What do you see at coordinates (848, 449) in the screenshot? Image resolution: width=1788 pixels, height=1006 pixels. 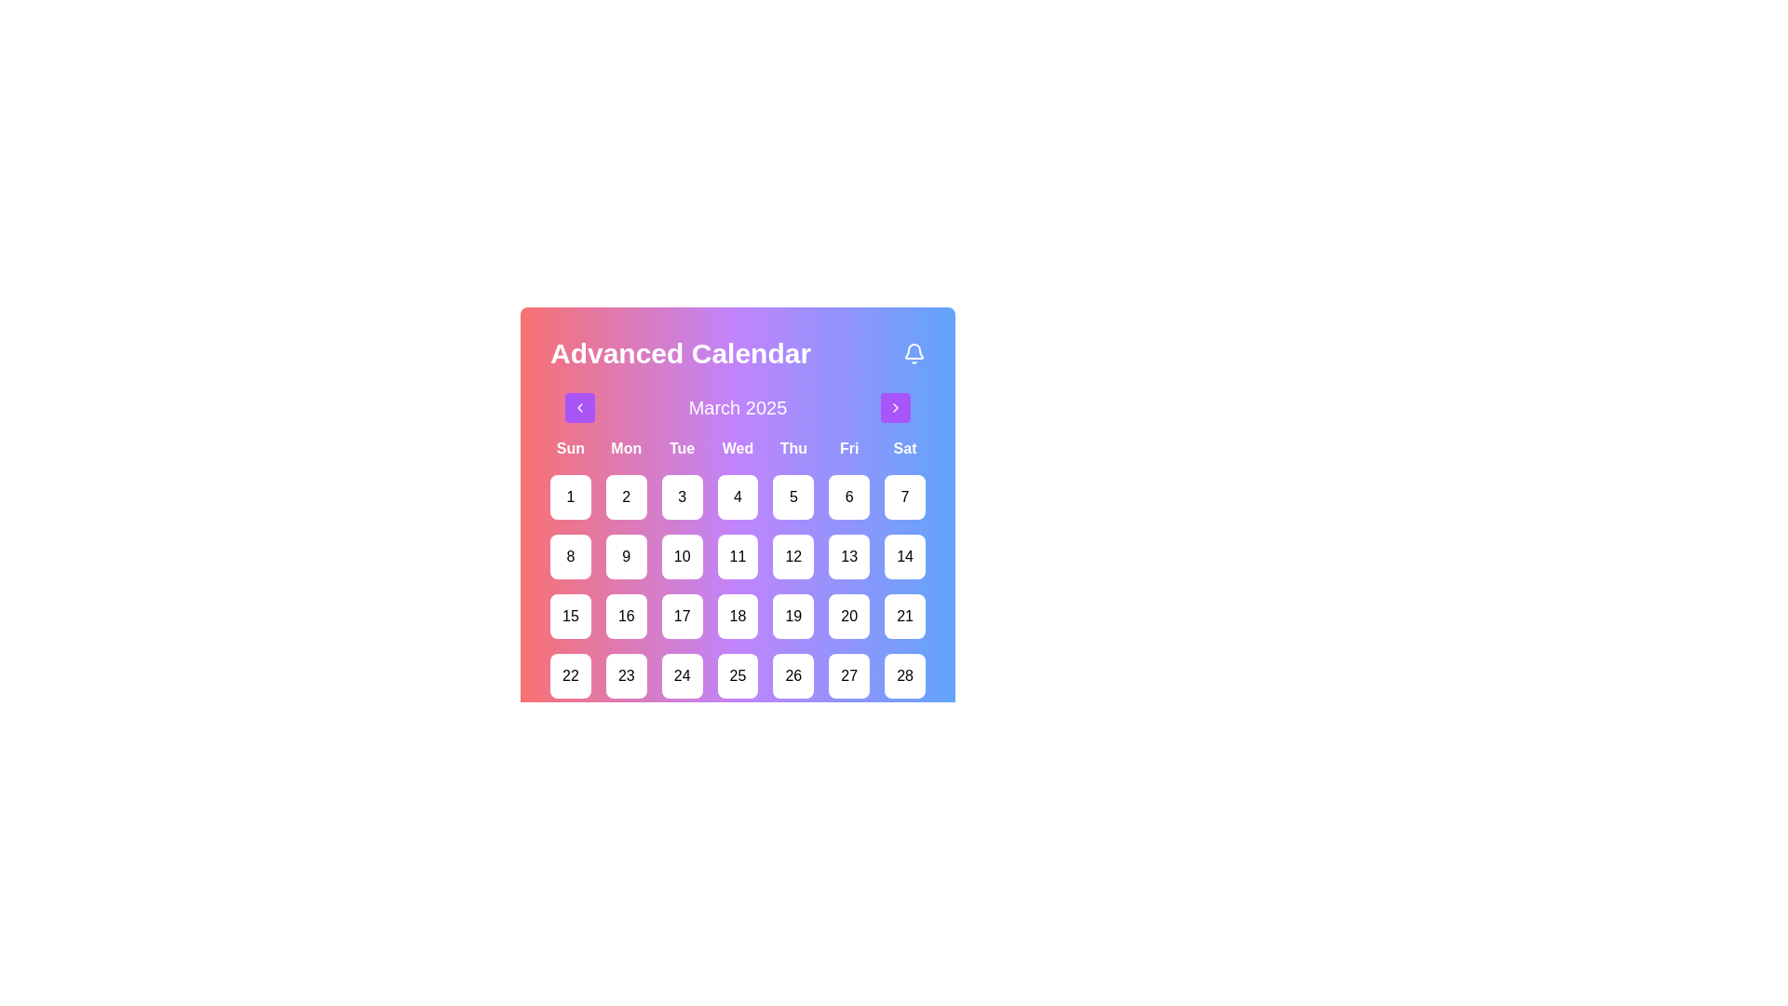 I see `the static label displaying 'Fri', which is the sixth label in the calendar header, styled with bold font and centered alignment` at bounding box center [848, 449].